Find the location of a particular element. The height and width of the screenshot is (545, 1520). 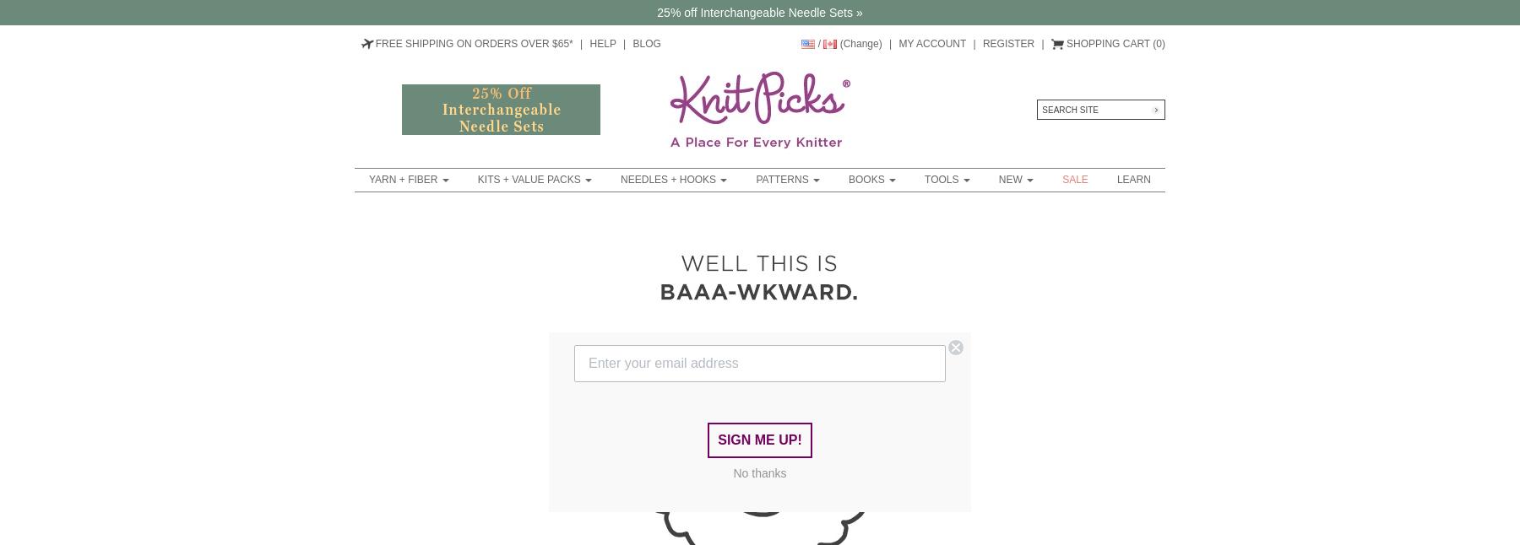

'(' is located at coordinates (1151, 43).